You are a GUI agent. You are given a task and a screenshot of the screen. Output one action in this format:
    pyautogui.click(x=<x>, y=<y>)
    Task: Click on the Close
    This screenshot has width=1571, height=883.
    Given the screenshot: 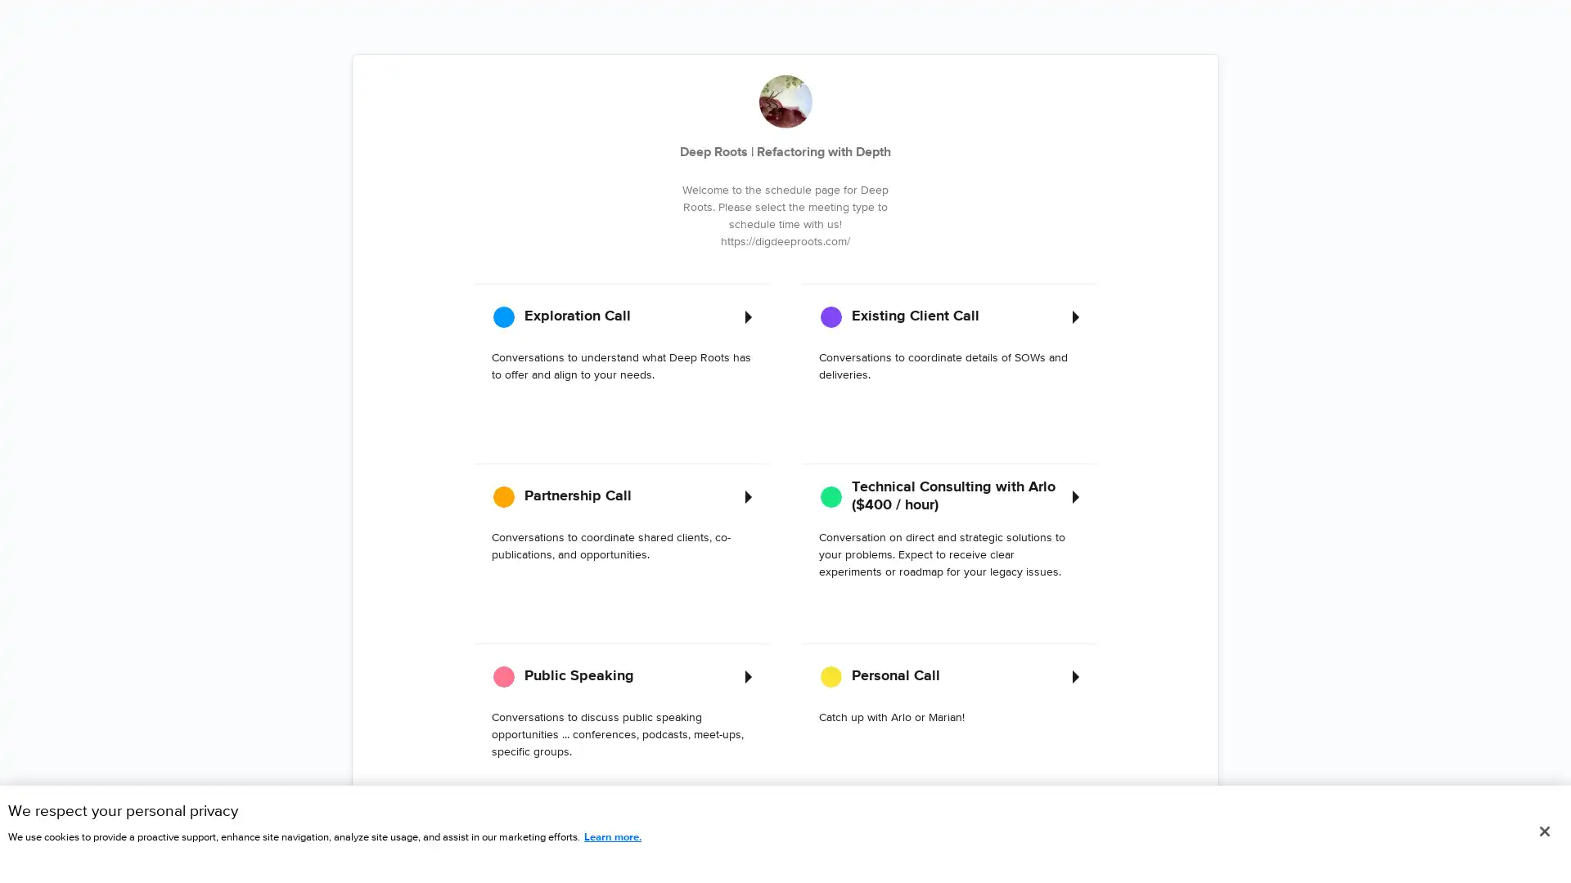 What is the action you would take?
    pyautogui.click(x=1543, y=831)
    